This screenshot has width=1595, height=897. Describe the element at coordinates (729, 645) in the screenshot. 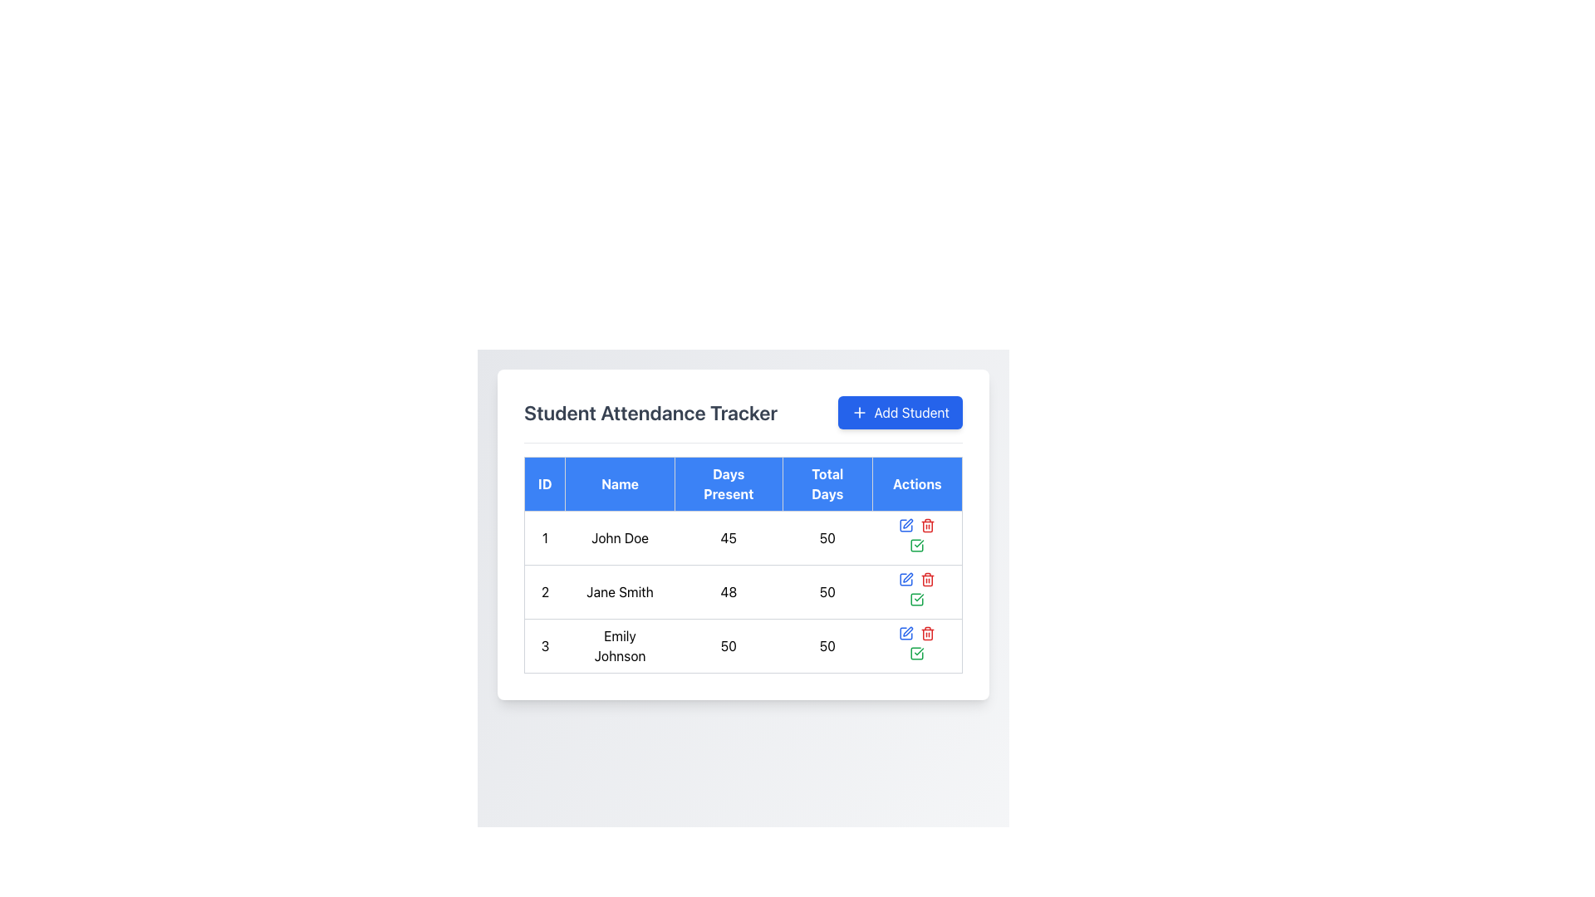

I see `the Text Display element that shows '50' in a sans-serif font, located in the third row under the 'Days Present' column of the table` at that location.